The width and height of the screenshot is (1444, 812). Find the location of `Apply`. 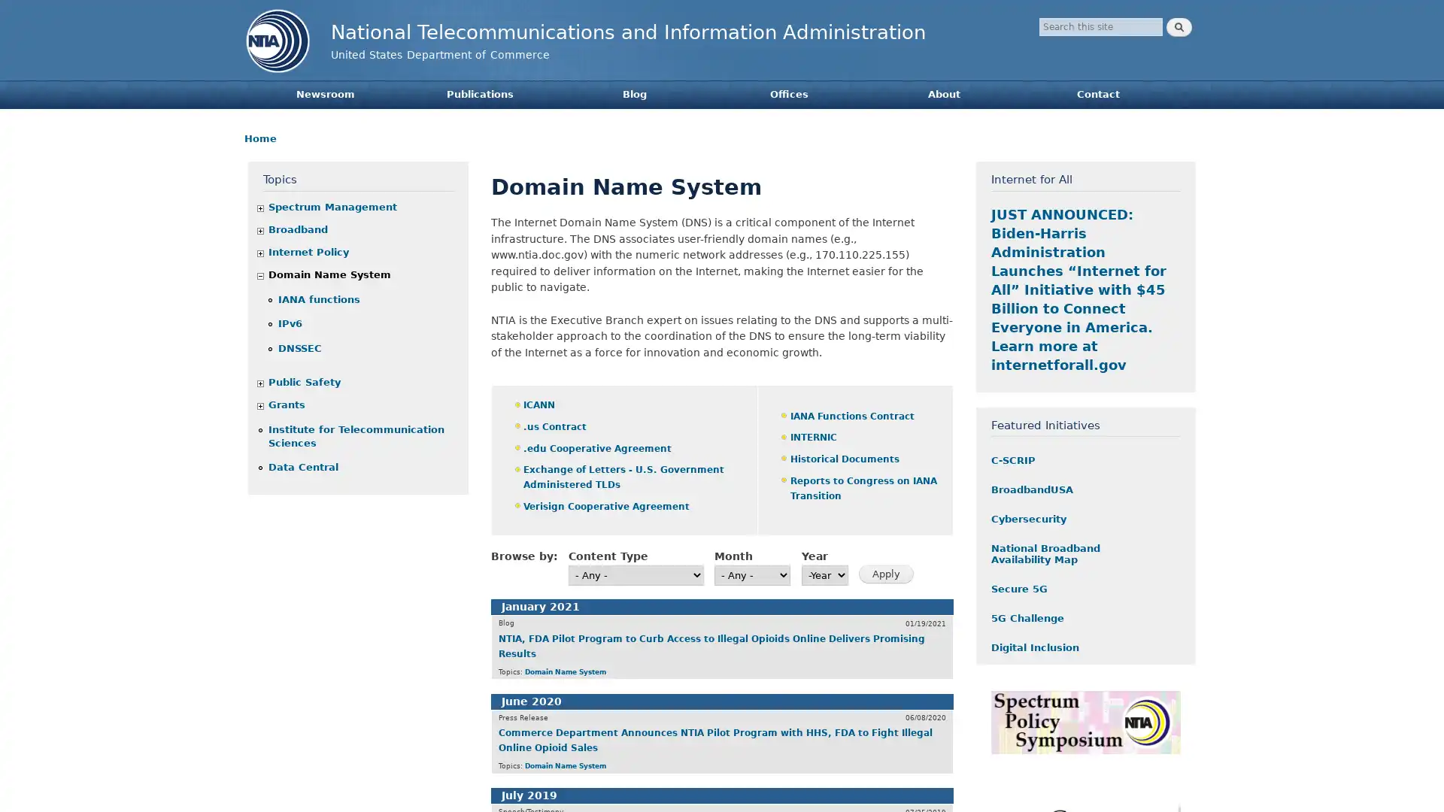

Apply is located at coordinates (886, 574).